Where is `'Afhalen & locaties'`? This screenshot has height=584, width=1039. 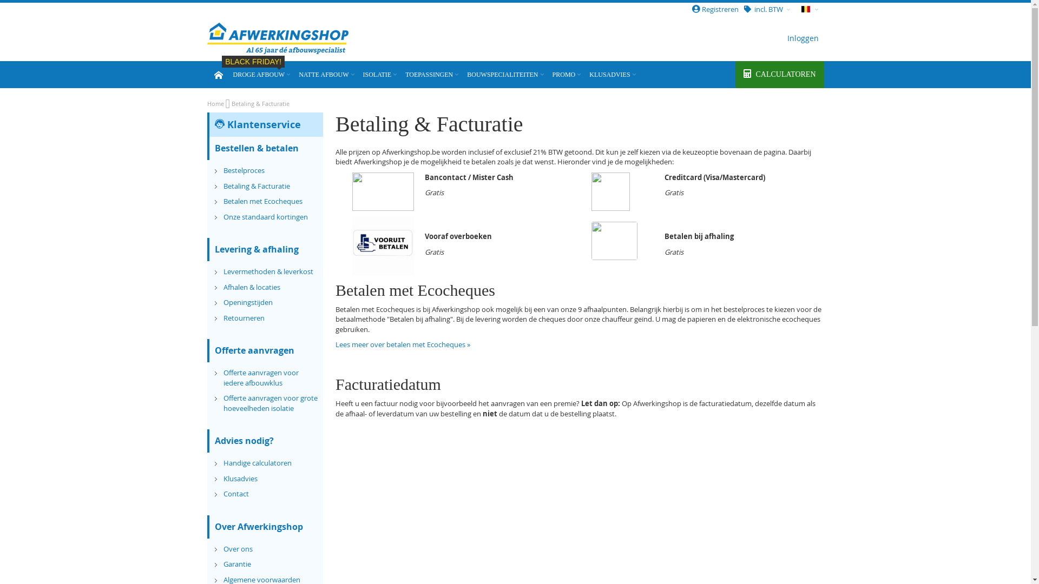
'Afhalen & locaties' is located at coordinates (251, 287).